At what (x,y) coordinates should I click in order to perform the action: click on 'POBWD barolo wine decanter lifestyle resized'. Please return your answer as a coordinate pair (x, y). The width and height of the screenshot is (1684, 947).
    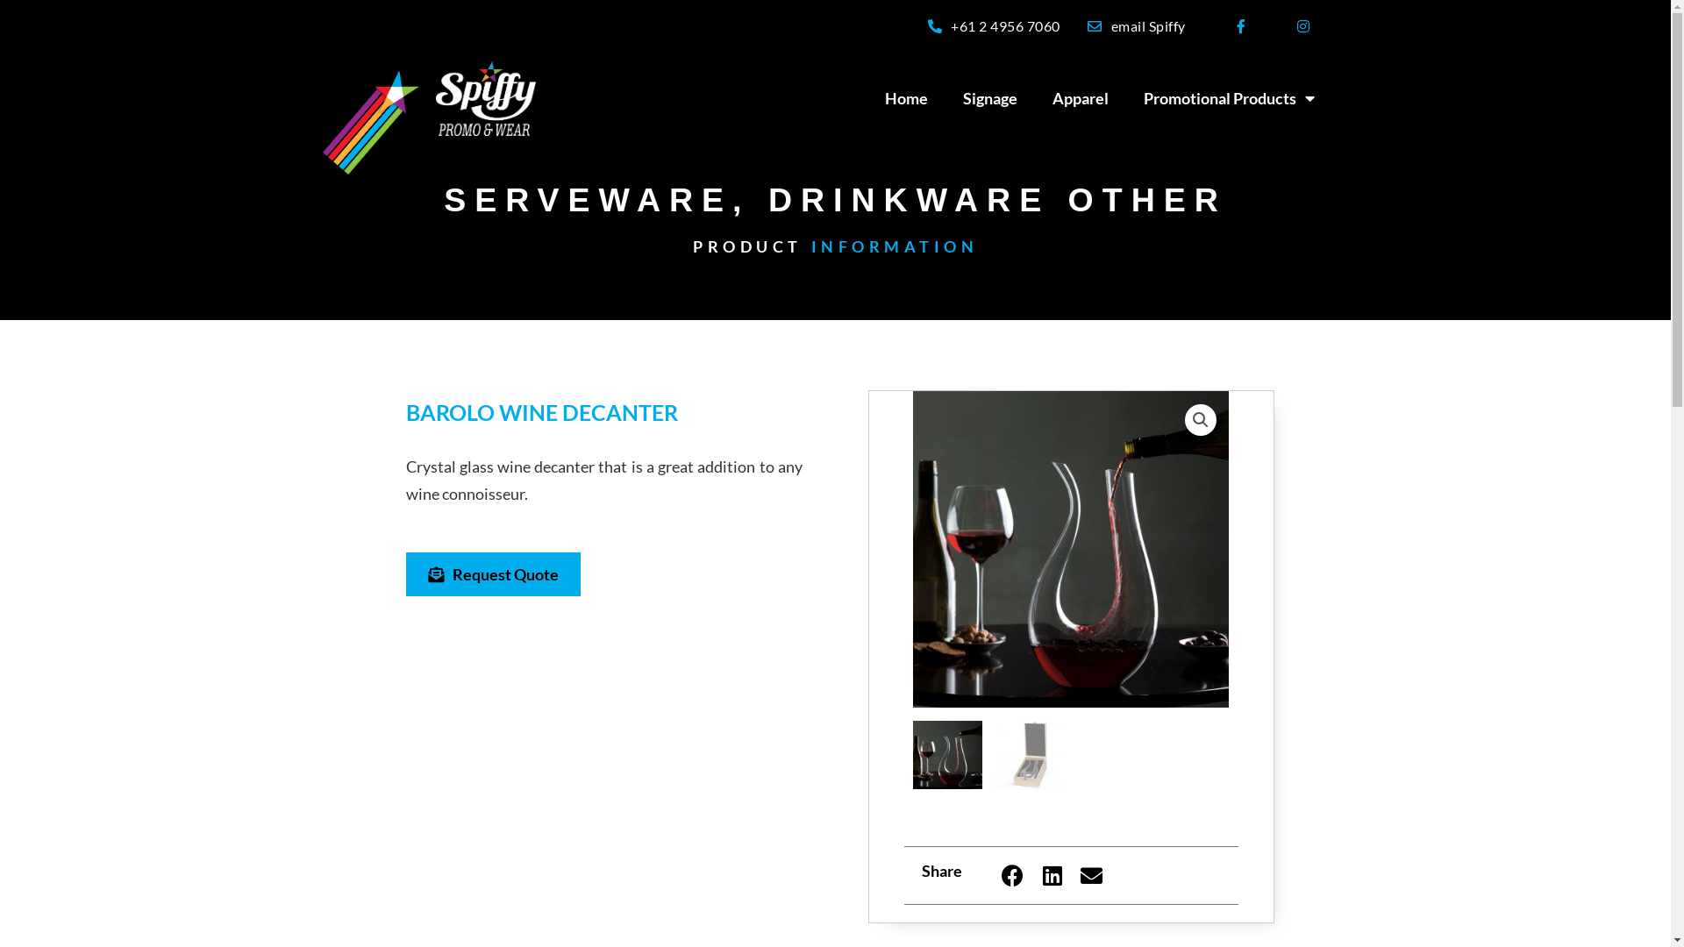
    Looking at the image, I should click on (1070, 548).